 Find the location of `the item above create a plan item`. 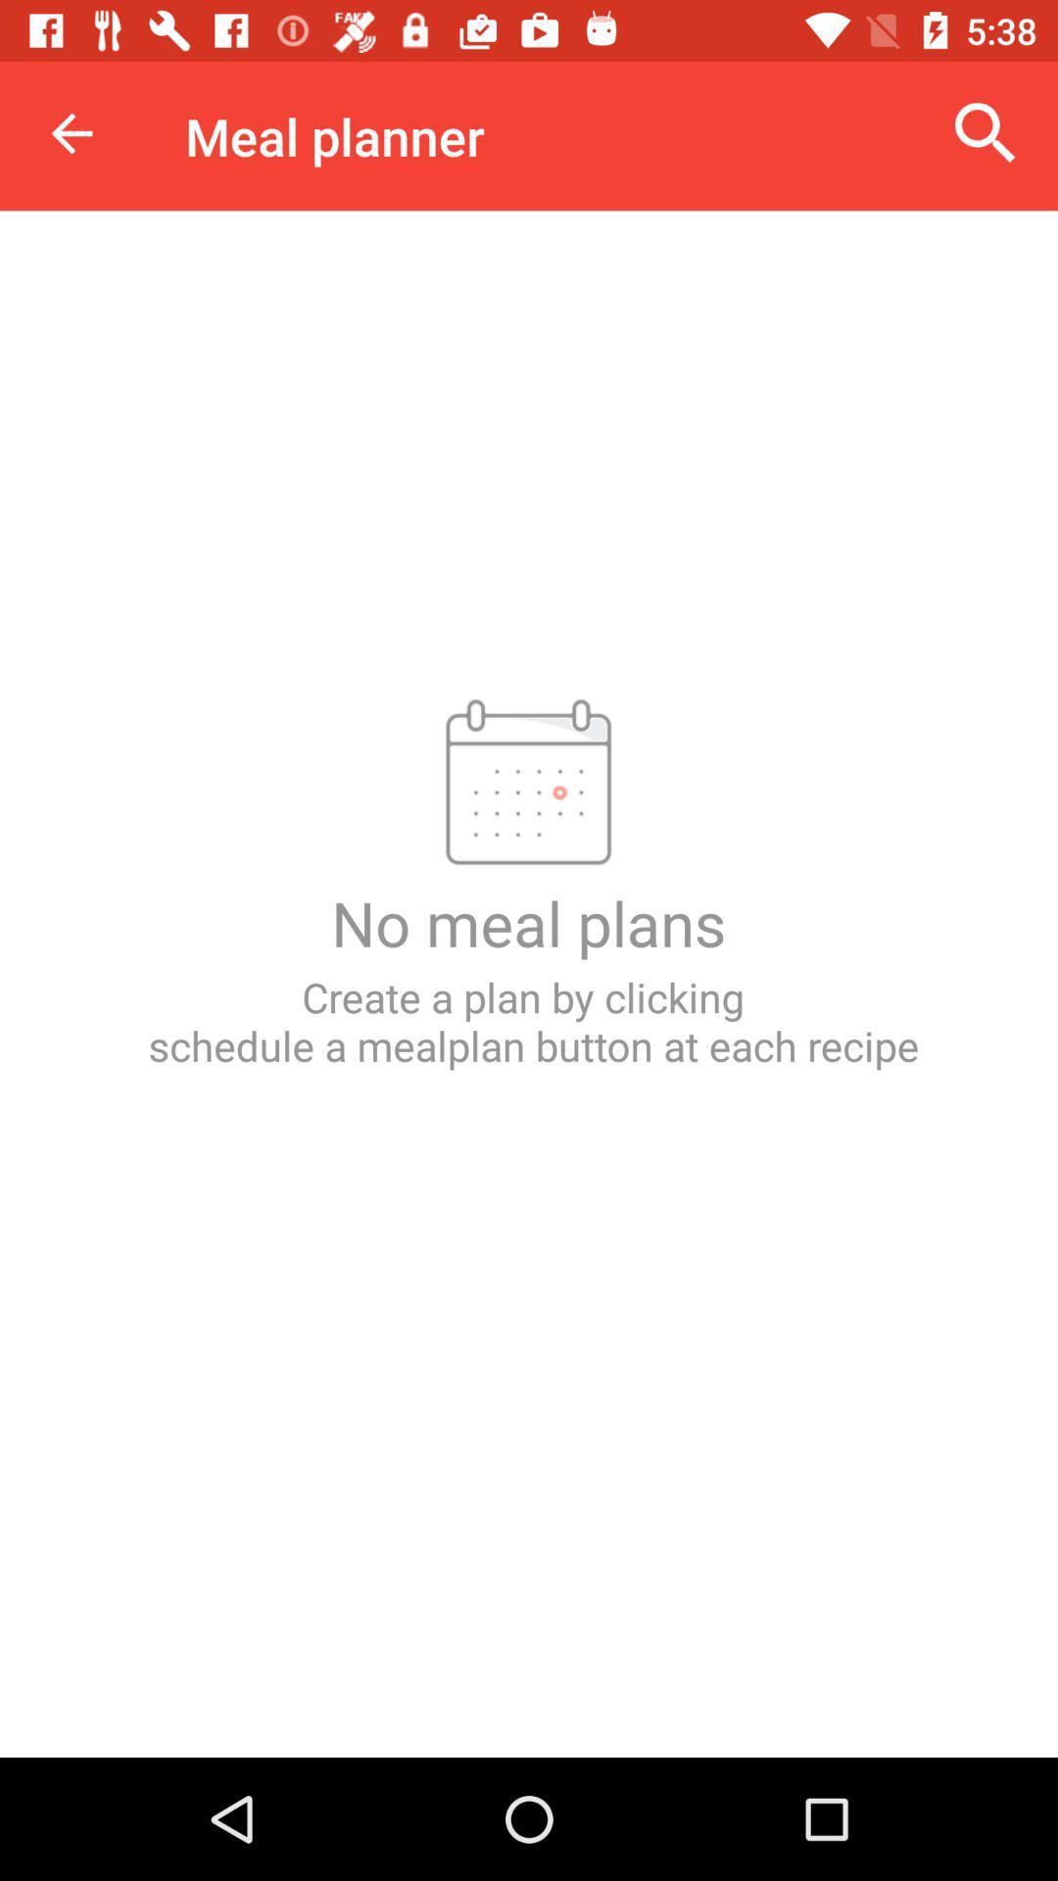

the item above create a plan item is located at coordinates (71, 132).